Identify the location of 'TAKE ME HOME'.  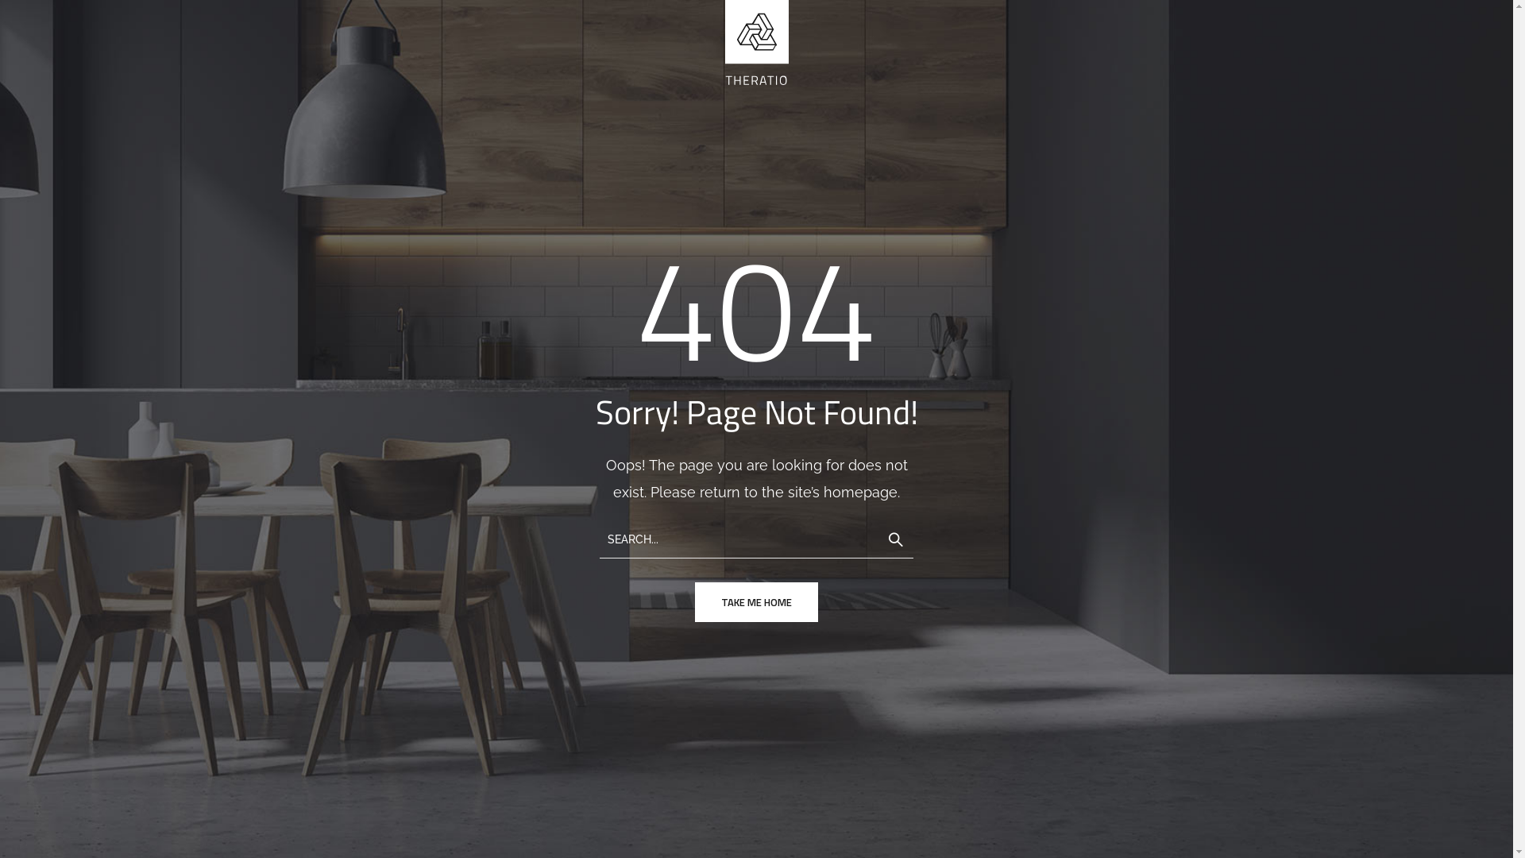
(755, 602).